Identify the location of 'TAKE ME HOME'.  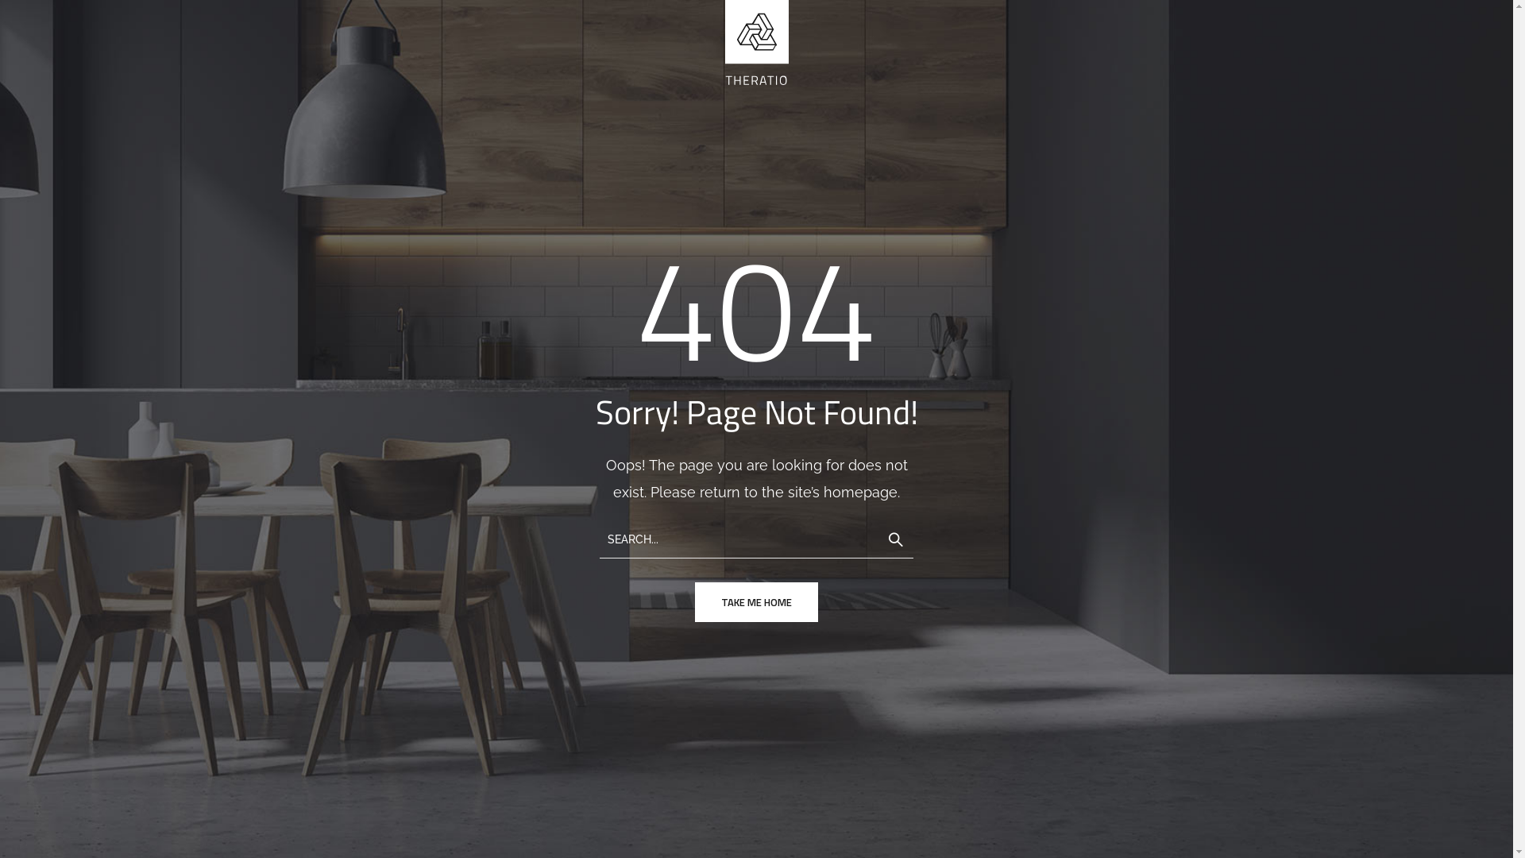
(755, 602).